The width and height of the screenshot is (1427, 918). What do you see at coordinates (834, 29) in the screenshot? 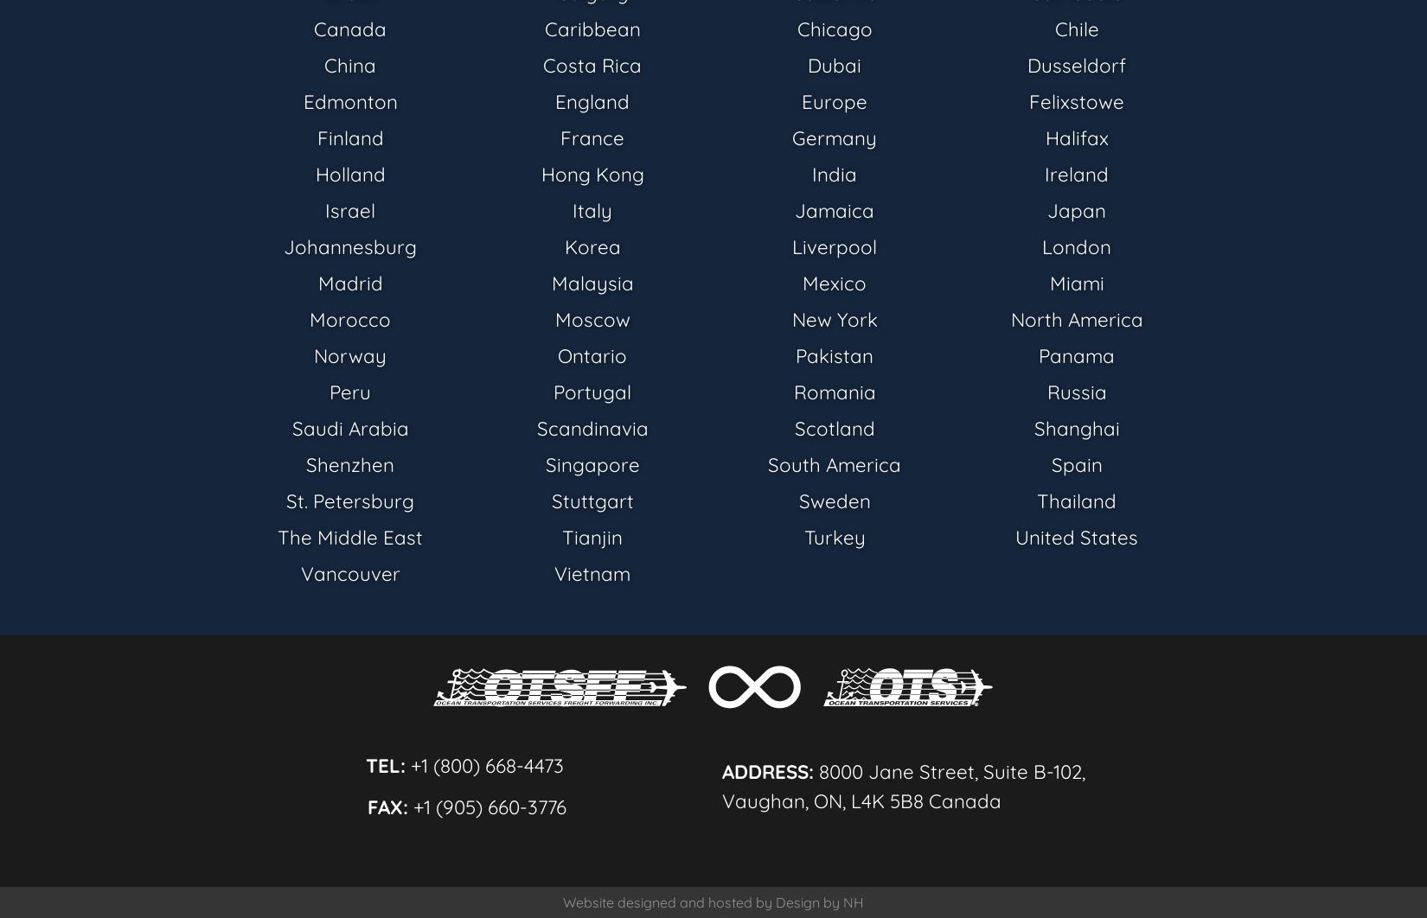
I see `'Chicago'` at bounding box center [834, 29].